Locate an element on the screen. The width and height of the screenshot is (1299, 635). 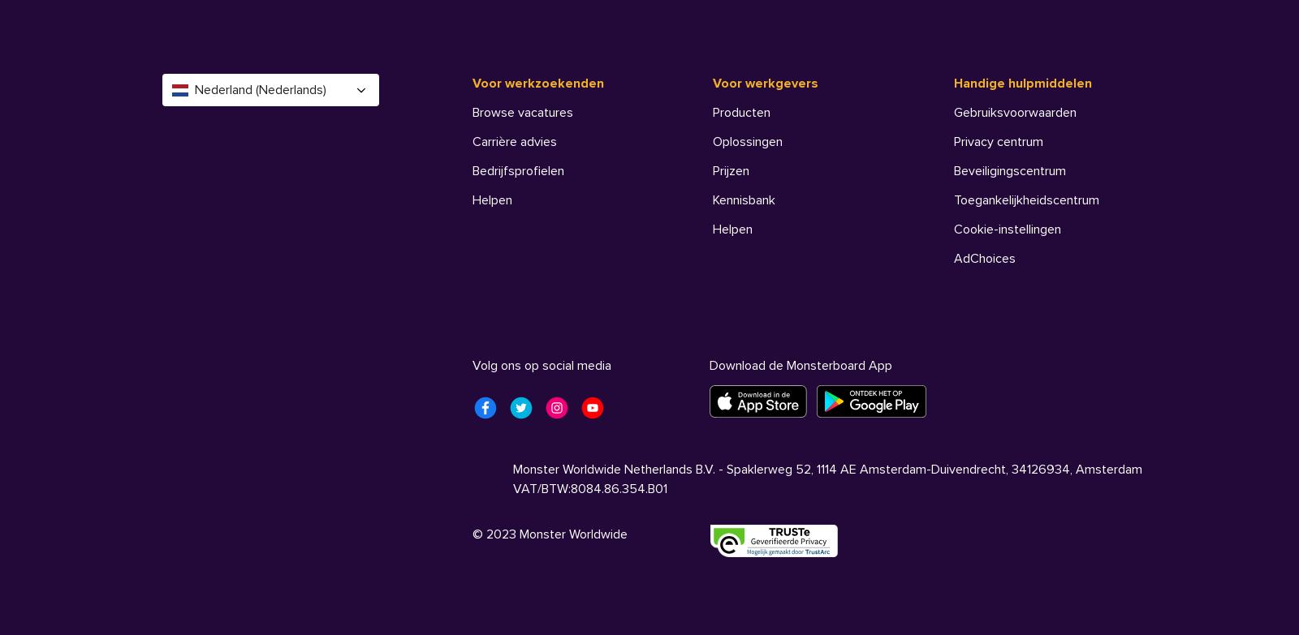
'Monster Worldwide Netherlands B.V. - Spaklerweg 52, 1114 AE Amsterdam-Duivendrecht, 34126934, Amsterdam VAT/BTW:8084.86.354.B01' is located at coordinates (827, 478).